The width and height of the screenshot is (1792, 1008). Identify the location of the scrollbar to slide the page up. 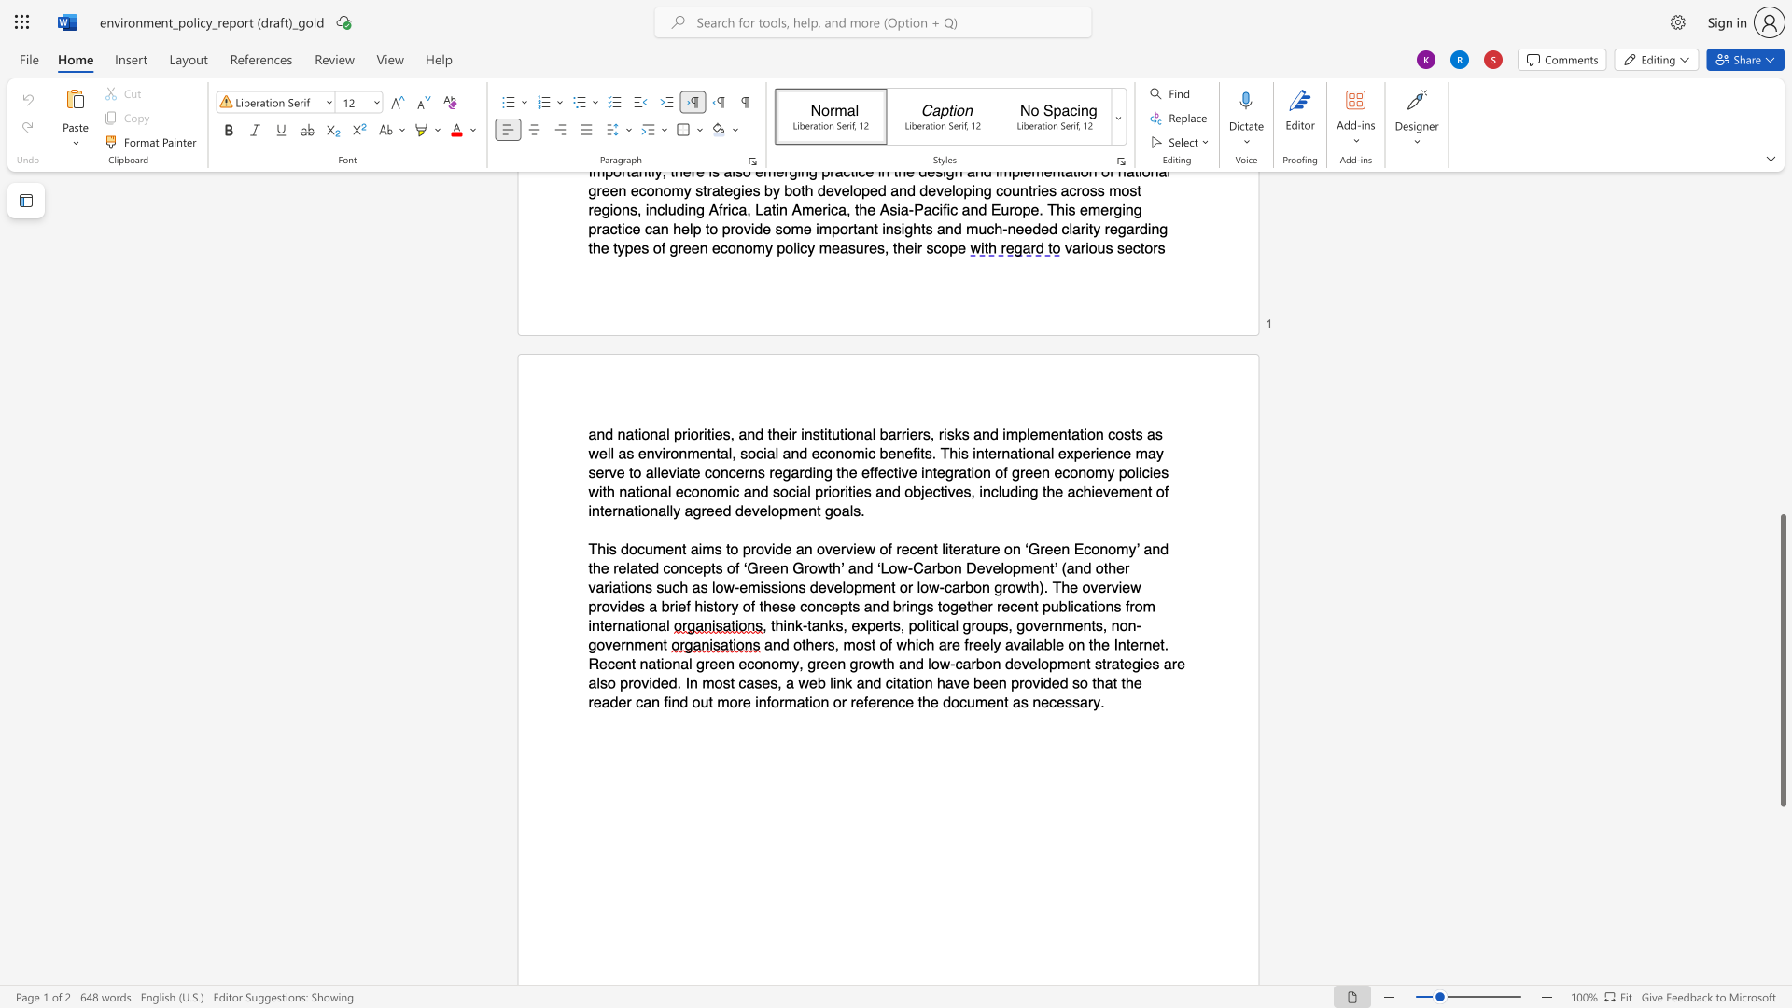
(1782, 222).